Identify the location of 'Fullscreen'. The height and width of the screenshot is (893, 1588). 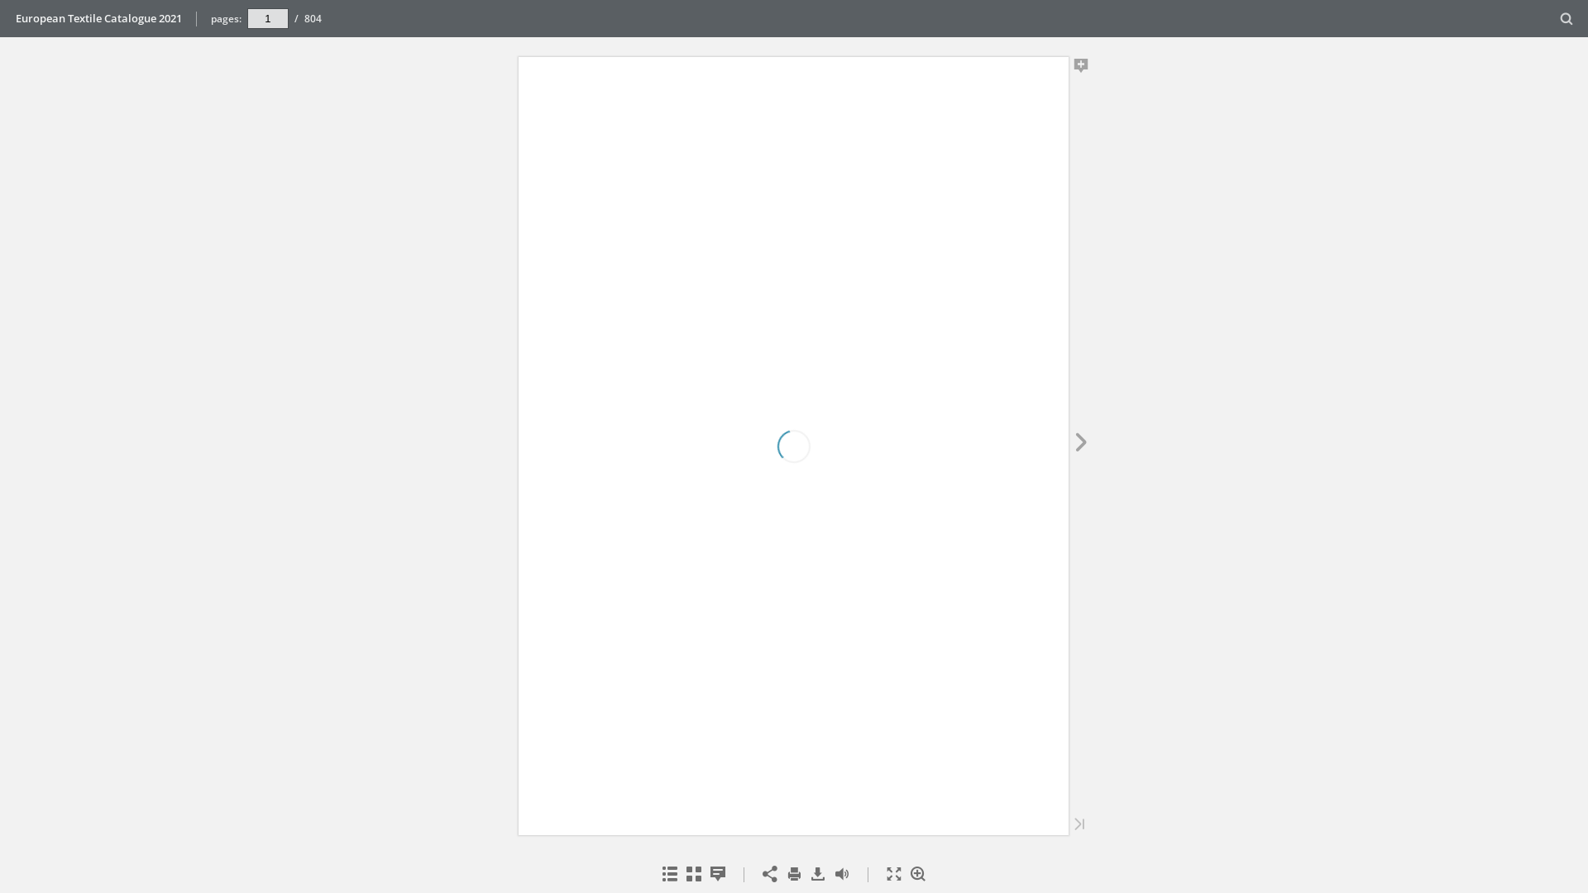
(880, 873).